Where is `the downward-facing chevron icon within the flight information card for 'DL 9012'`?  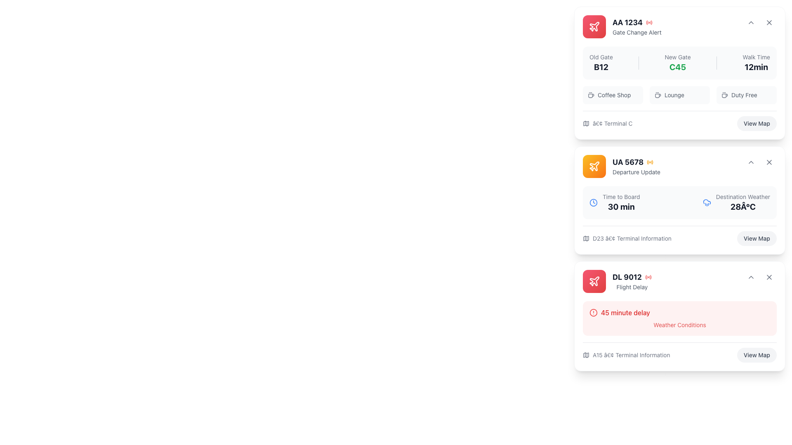 the downward-facing chevron icon within the flight information card for 'DL 9012' is located at coordinates (751, 277).